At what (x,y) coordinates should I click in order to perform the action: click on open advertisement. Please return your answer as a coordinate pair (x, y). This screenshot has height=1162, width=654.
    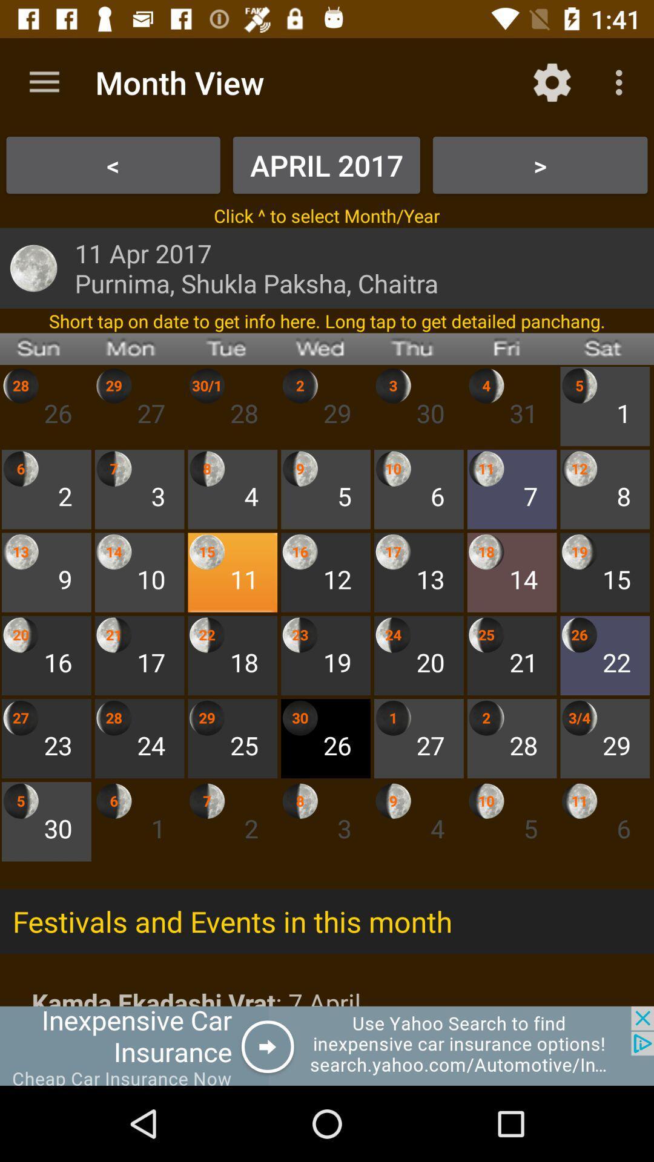
    Looking at the image, I should click on (327, 1045).